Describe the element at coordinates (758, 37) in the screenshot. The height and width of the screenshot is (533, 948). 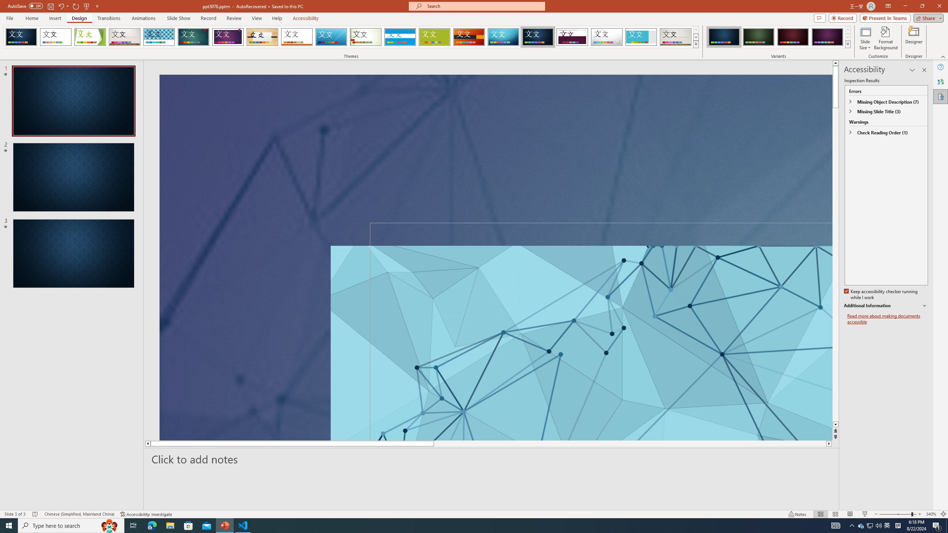
I see `'Damask Variant 2'` at that location.